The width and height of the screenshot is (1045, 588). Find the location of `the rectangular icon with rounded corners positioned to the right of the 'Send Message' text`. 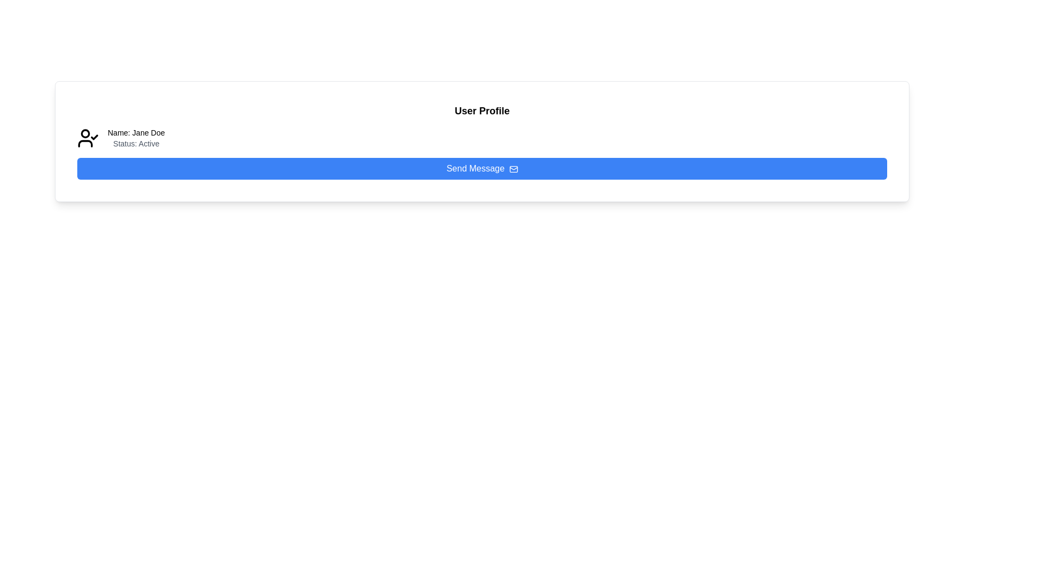

the rectangular icon with rounded corners positioned to the right of the 'Send Message' text is located at coordinates (513, 169).